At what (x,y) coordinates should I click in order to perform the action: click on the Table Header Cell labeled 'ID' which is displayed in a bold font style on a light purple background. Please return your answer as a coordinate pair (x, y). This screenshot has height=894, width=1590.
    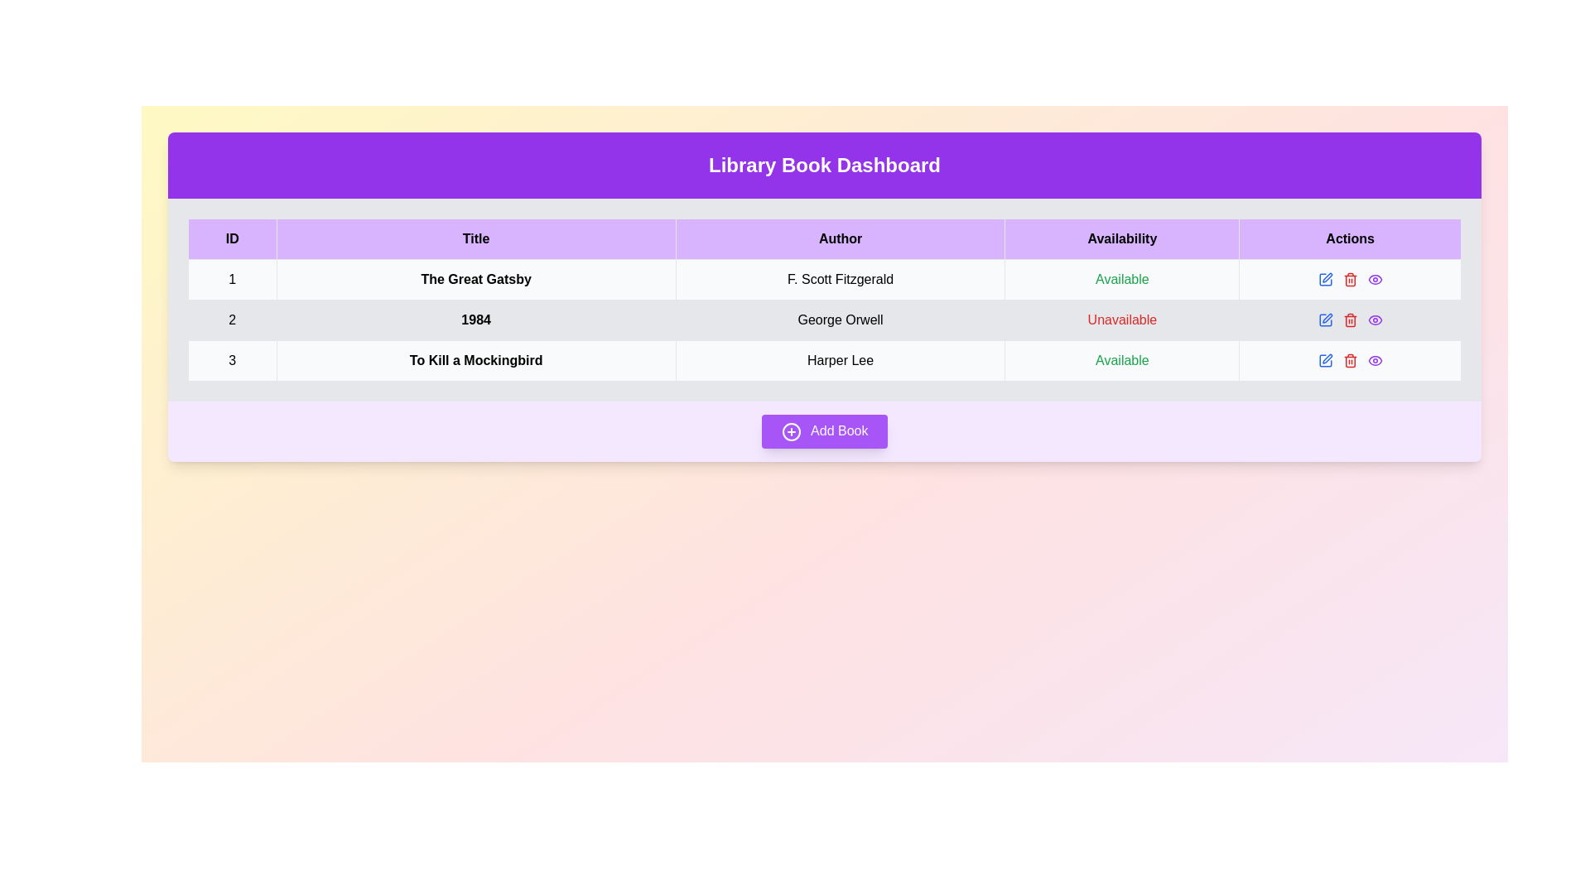
    Looking at the image, I should click on (231, 239).